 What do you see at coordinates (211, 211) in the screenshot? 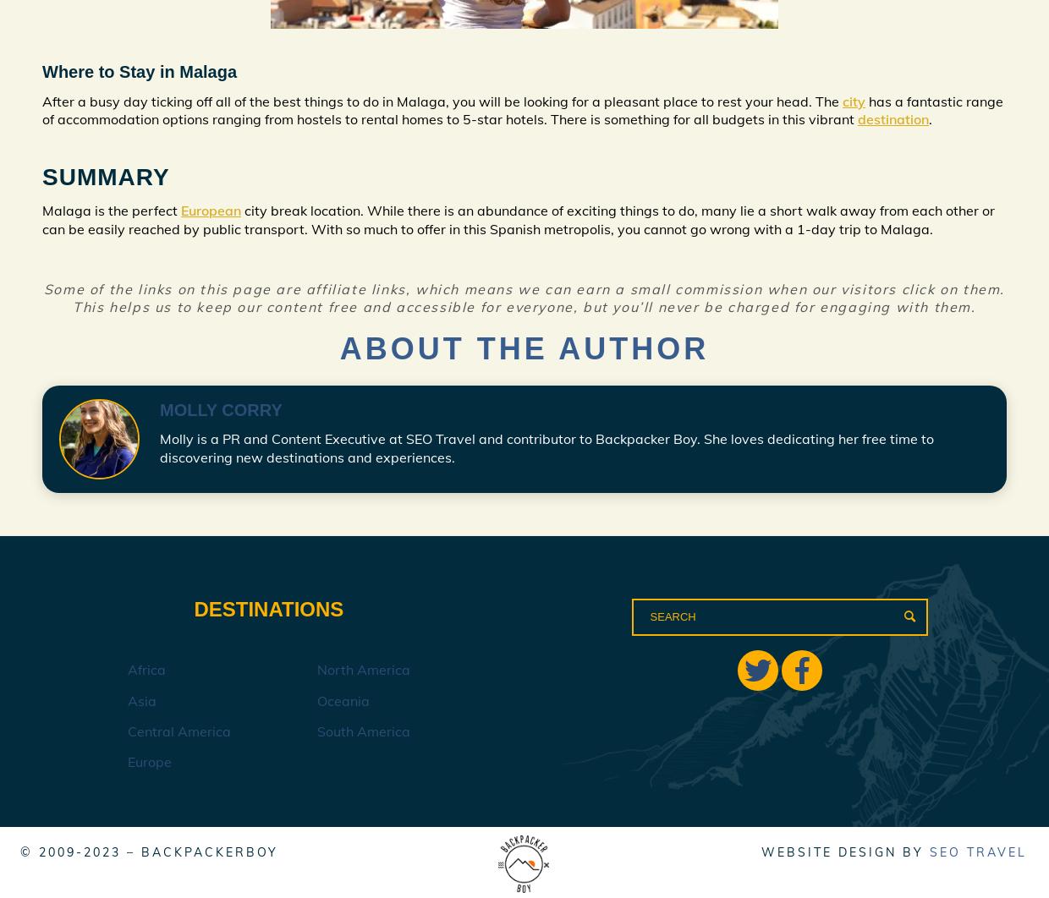
I see `'European'` at bounding box center [211, 211].